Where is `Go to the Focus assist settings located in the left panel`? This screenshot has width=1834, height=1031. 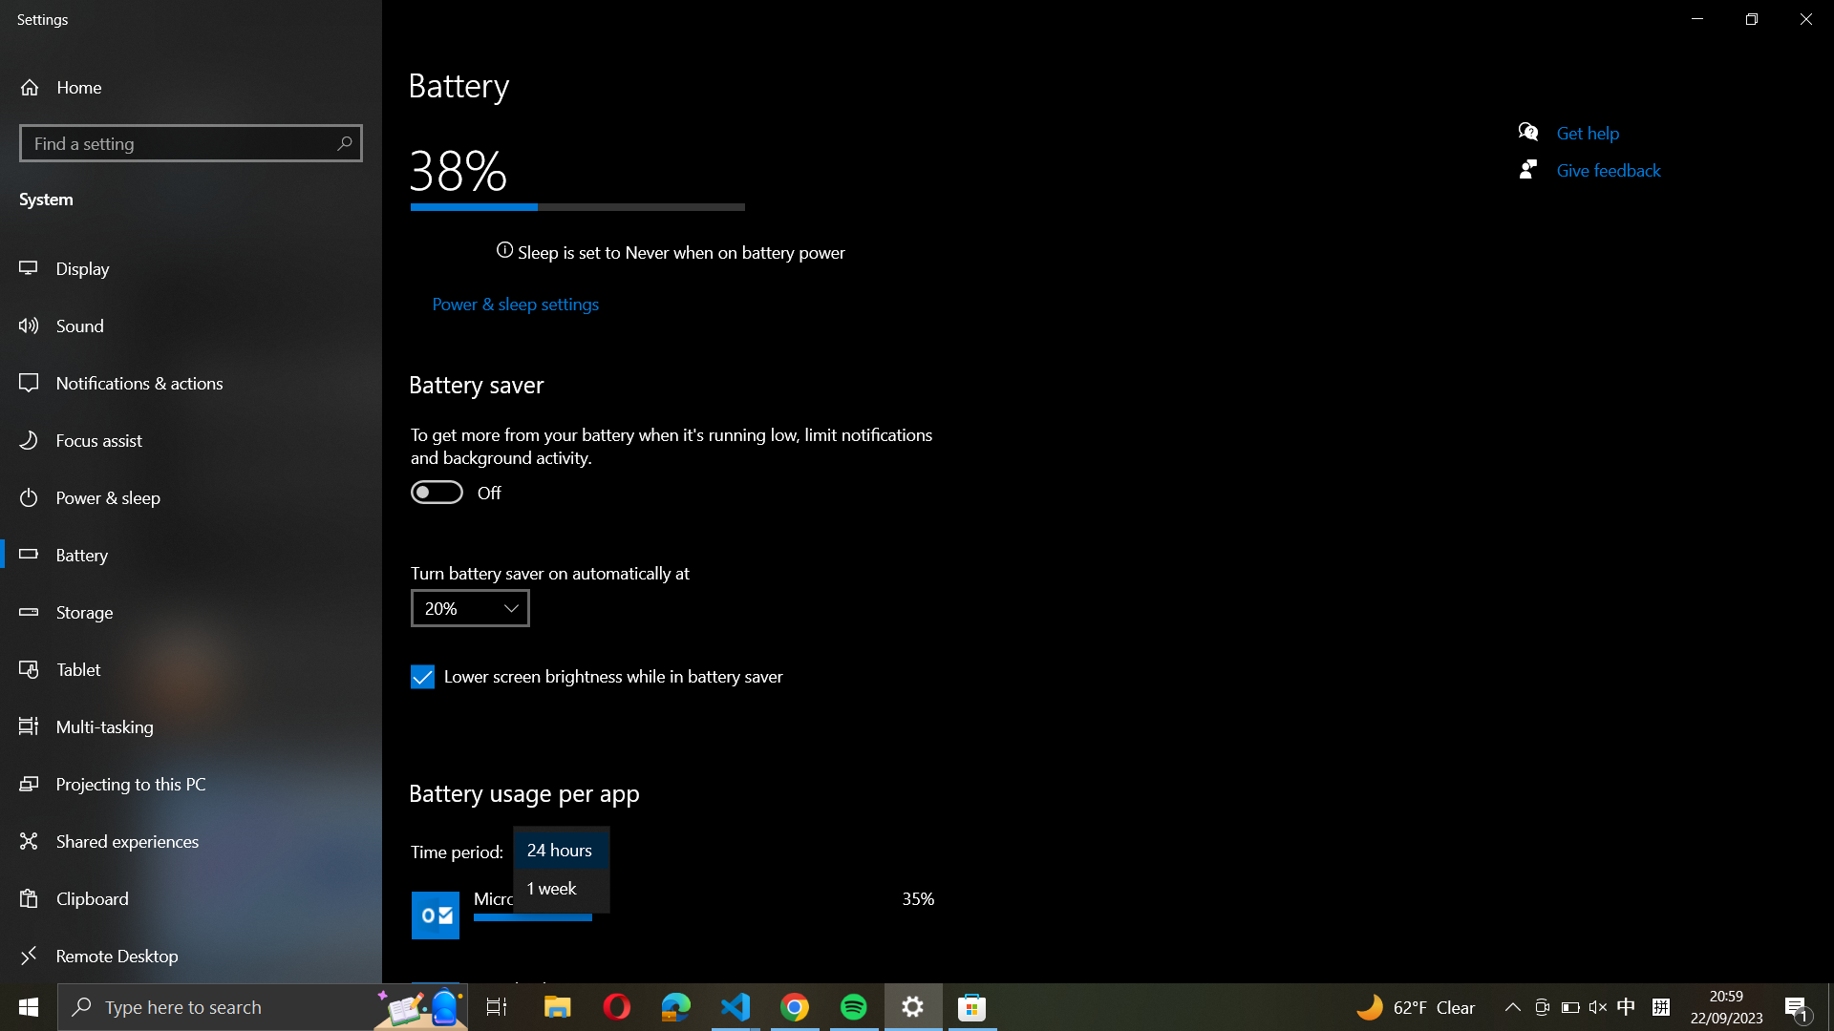 Go to the Focus assist settings located in the left panel is located at coordinates (193, 441).